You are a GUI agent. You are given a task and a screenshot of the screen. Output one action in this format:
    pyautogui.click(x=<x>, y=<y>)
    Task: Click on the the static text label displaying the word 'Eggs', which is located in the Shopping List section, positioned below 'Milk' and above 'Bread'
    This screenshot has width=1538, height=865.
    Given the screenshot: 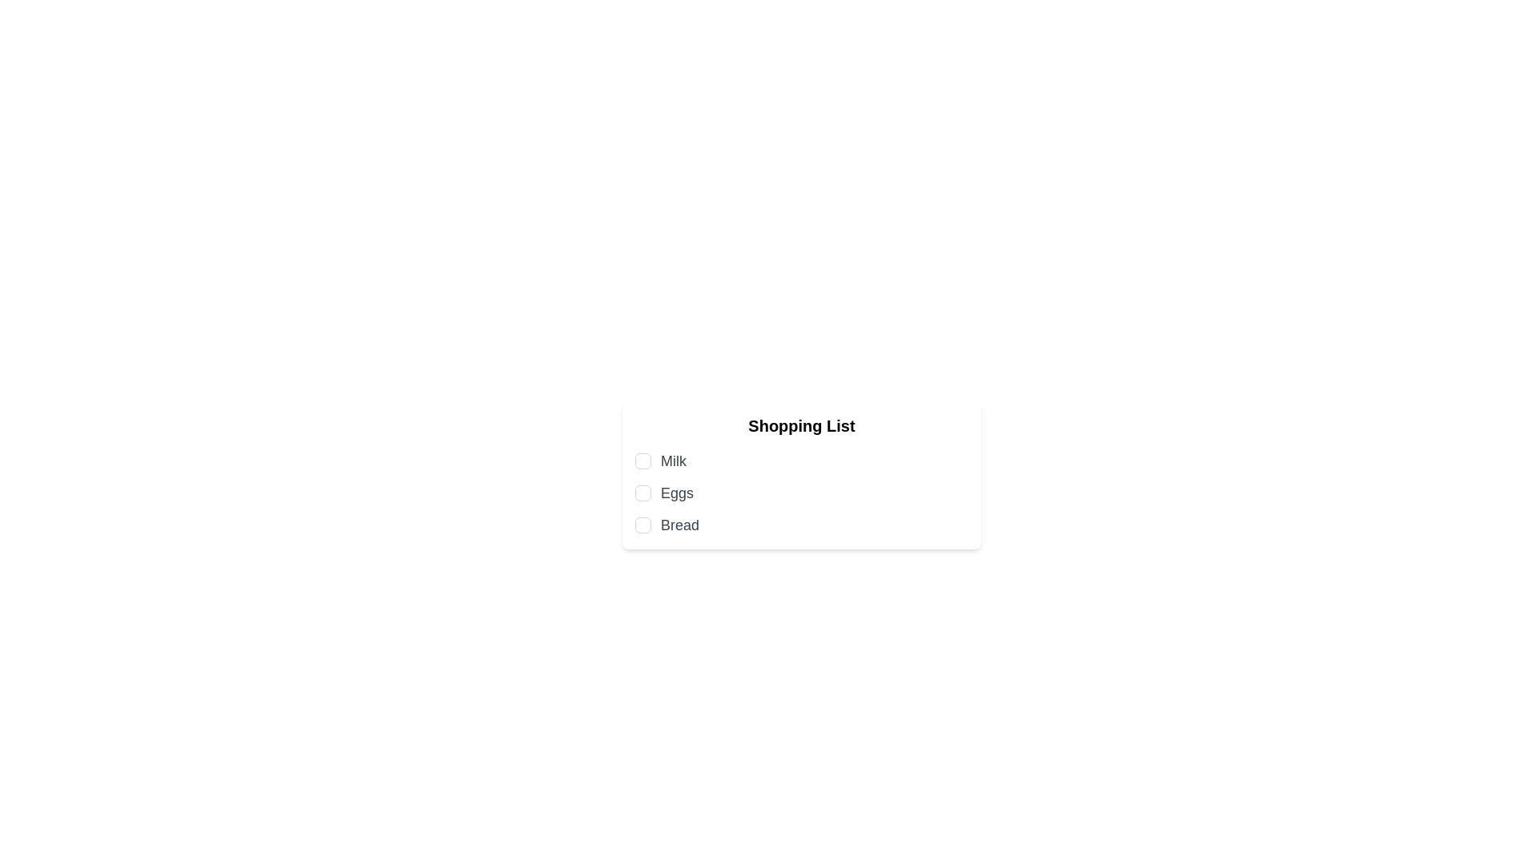 What is the action you would take?
    pyautogui.click(x=677, y=493)
    